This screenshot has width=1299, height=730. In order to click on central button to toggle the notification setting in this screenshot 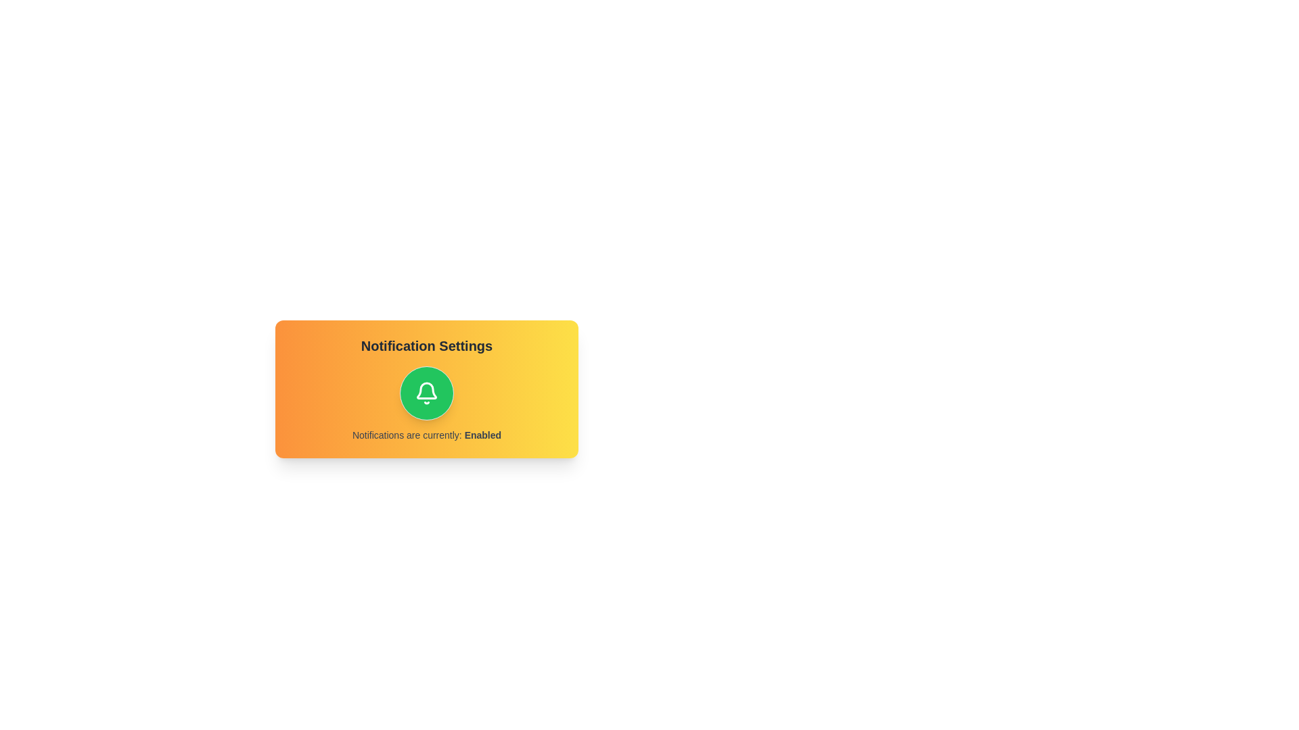, I will do `click(426, 393)`.